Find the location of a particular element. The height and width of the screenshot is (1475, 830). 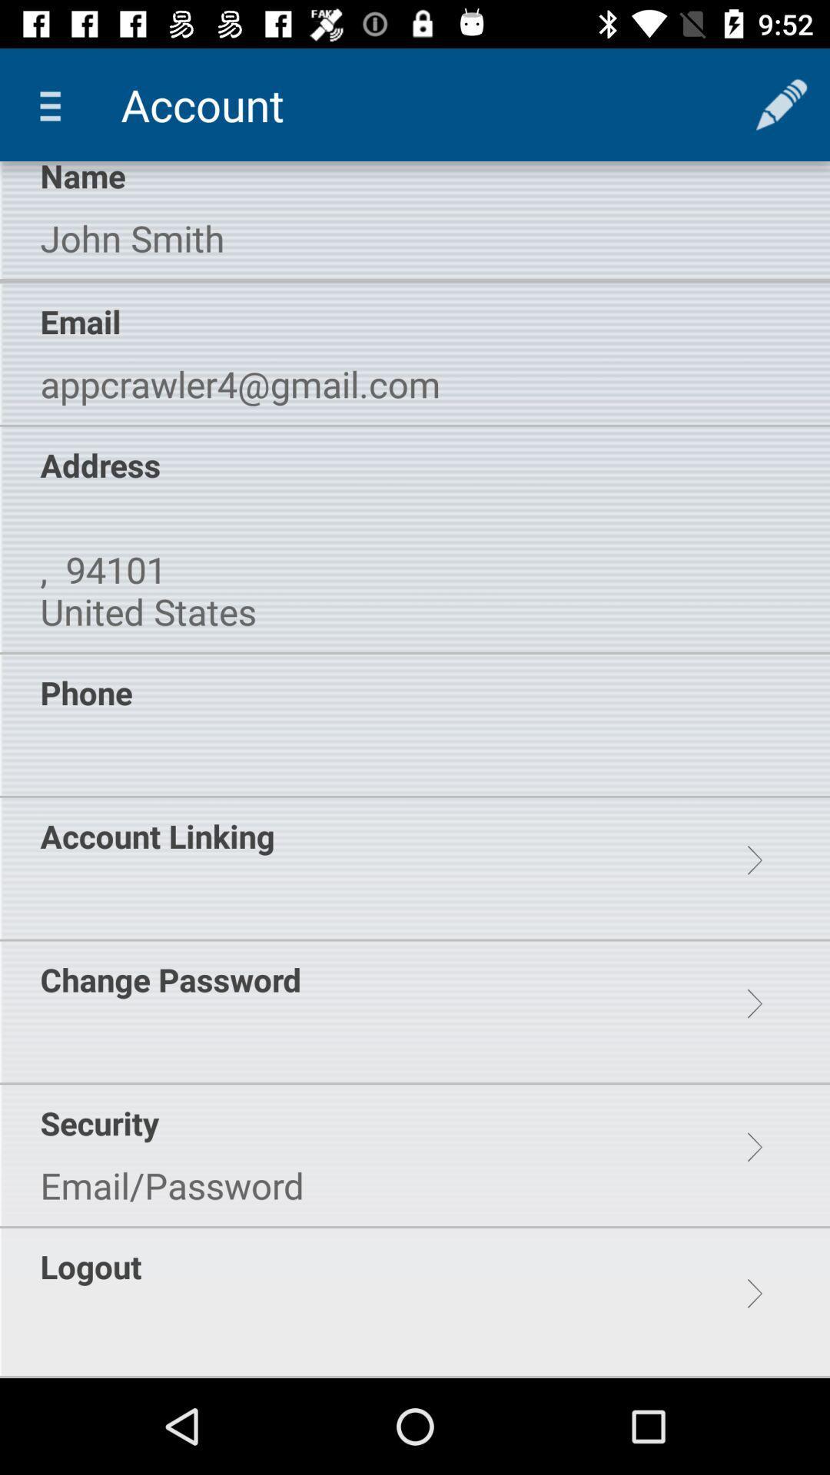

the security is located at coordinates (99, 1122).